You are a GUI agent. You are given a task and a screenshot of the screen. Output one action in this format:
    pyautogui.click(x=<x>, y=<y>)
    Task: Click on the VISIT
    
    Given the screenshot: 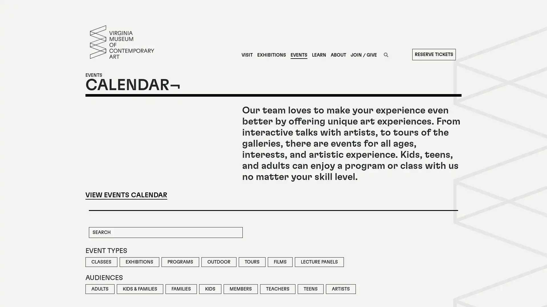 What is the action you would take?
    pyautogui.click(x=247, y=55)
    